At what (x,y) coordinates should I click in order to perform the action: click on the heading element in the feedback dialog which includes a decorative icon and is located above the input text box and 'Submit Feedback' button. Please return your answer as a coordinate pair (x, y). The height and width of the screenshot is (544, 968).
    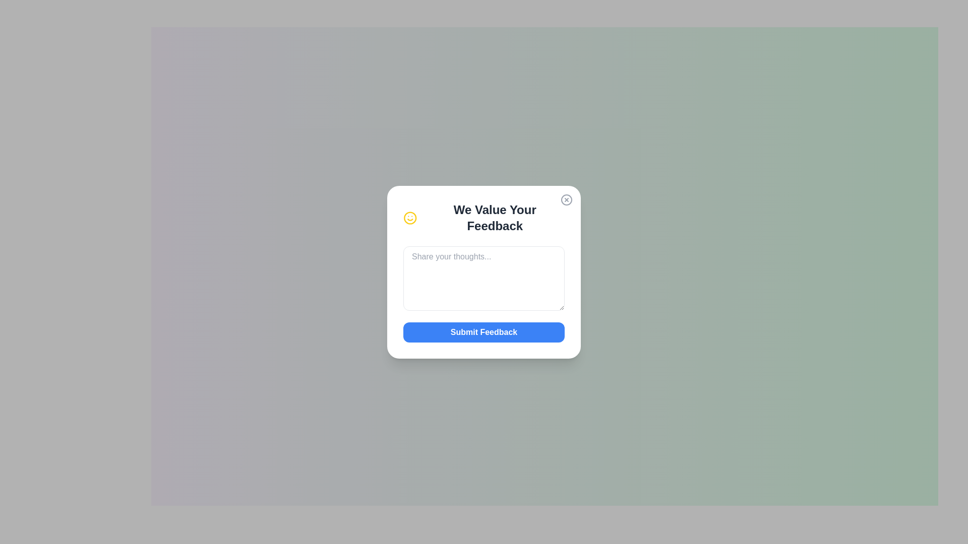
    Looking at the image, I should click on (484, 217).